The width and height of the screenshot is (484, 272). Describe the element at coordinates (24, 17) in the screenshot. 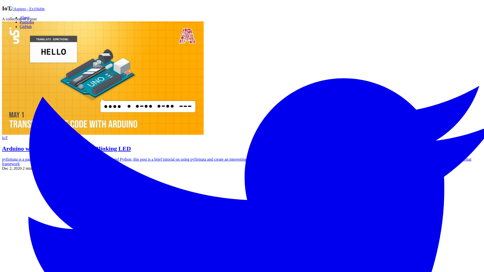

I see `'About'` at that location.